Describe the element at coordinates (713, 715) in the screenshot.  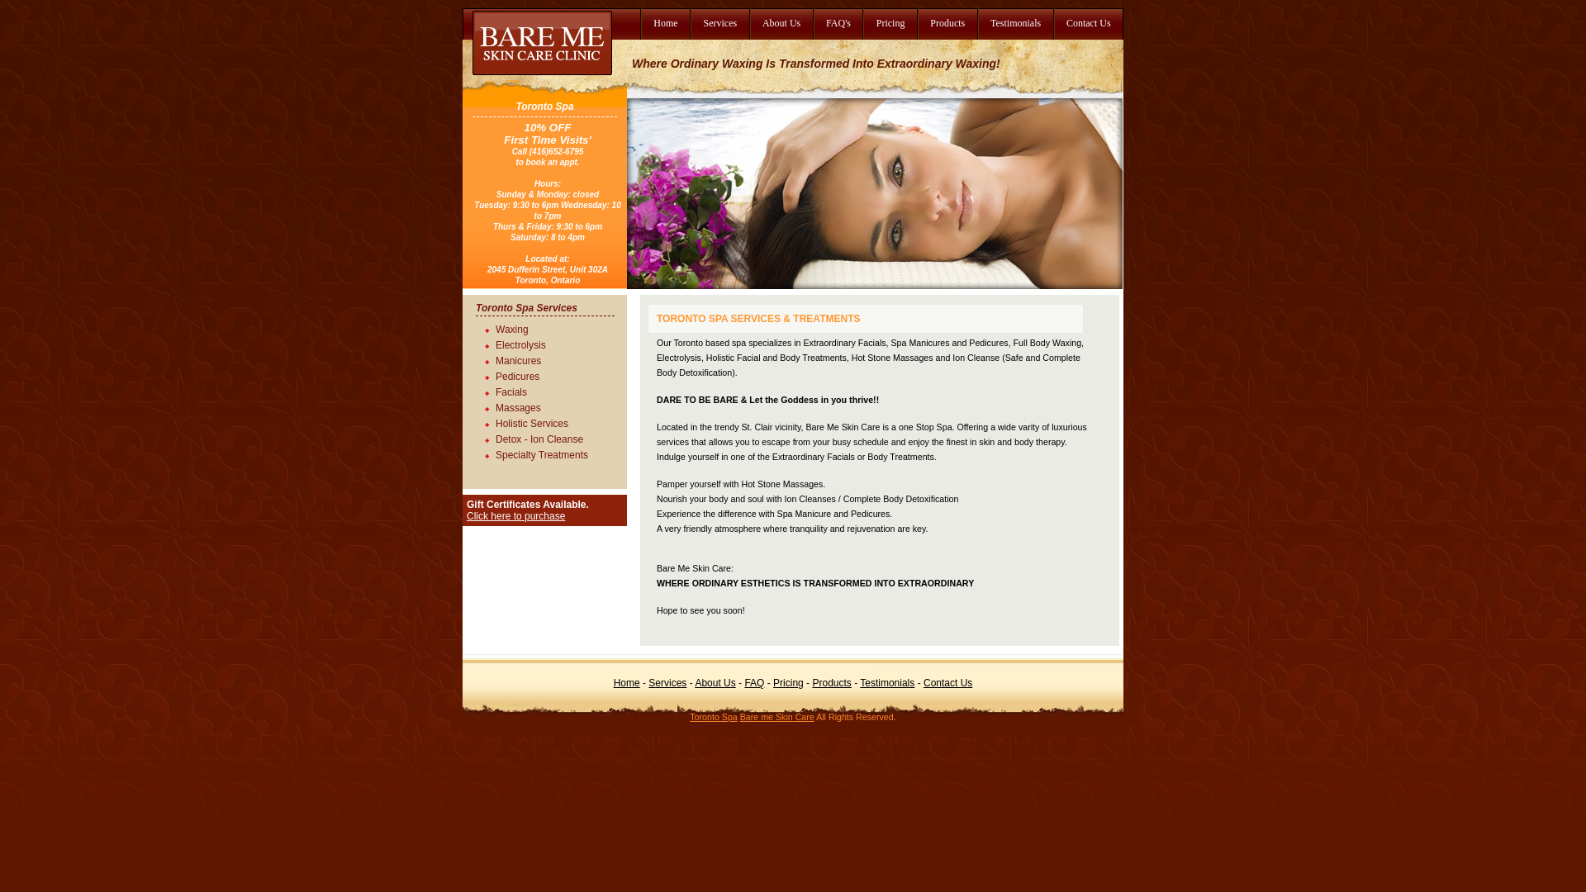
I see `'Toronto Spa'` at that location.